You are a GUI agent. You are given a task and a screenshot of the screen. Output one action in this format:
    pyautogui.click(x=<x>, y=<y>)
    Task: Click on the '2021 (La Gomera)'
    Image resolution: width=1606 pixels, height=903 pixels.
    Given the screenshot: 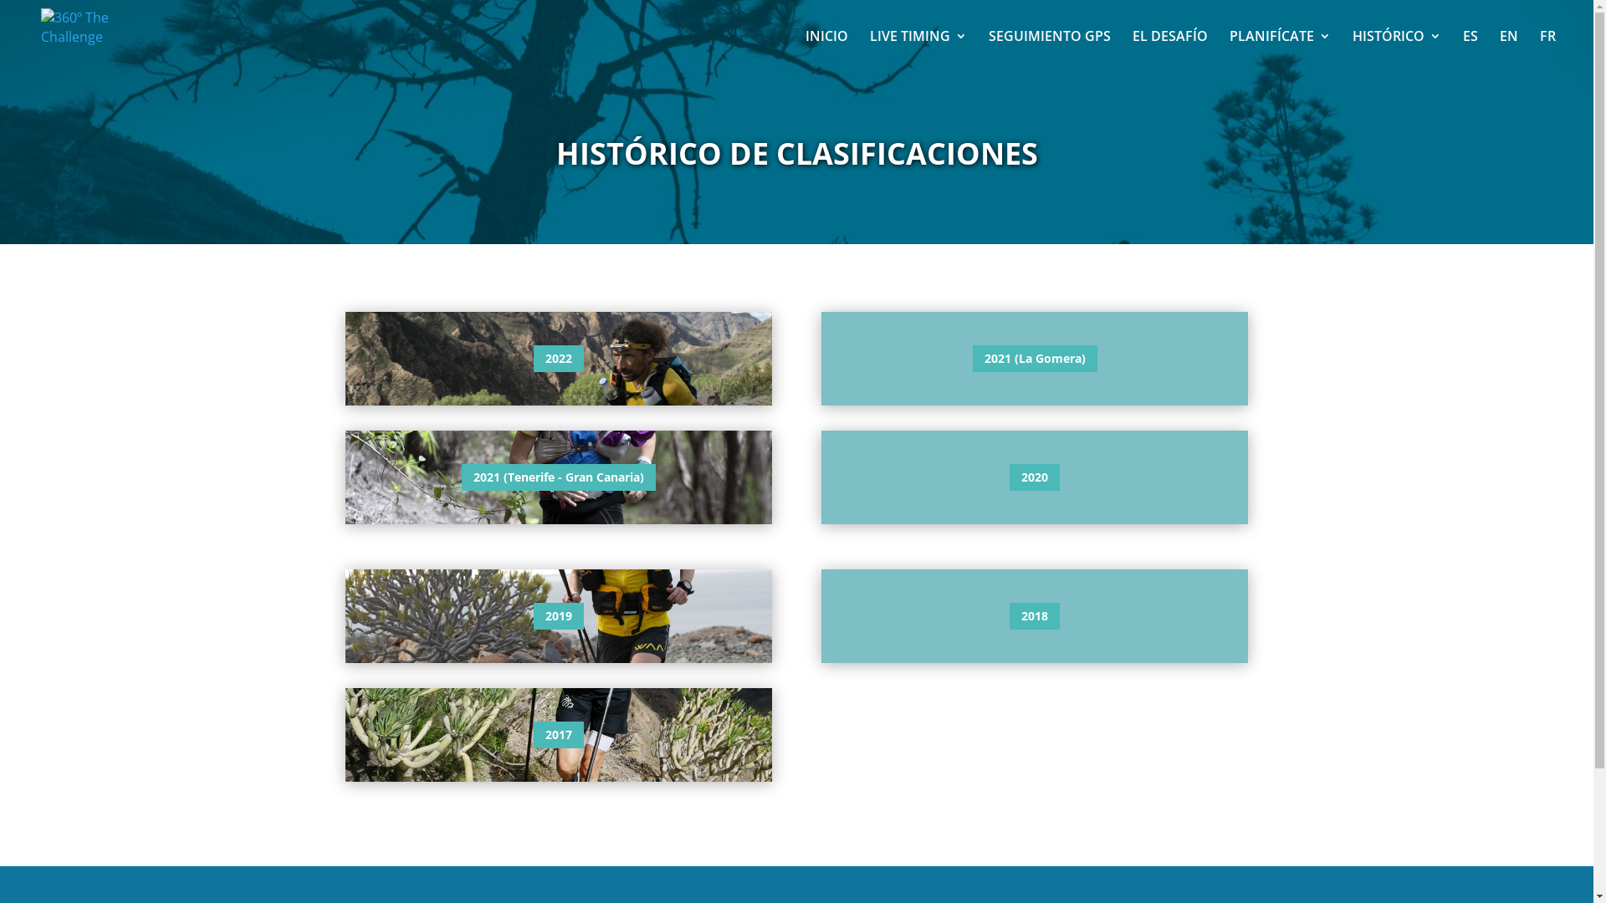 What is the action you would take?
    pyautogui.click(x=1034, y=357)
    